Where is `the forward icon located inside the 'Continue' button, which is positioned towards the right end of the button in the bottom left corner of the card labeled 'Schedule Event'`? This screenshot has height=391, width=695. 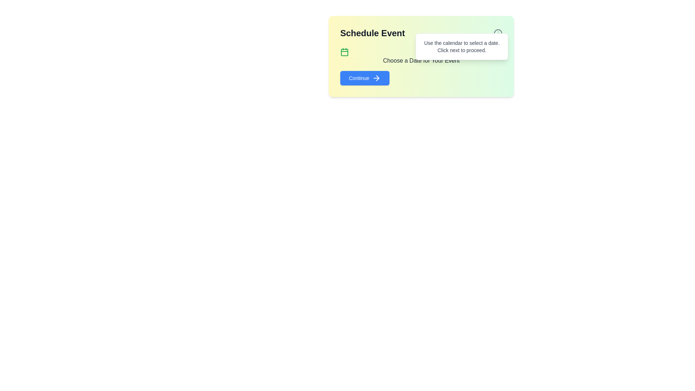 the forward icon located inside the 'Continue' button, which is positioned towards the right end of the button in the bottom left corner of the card labeled 'Schedule Event' is located at coordinates (376, 78).